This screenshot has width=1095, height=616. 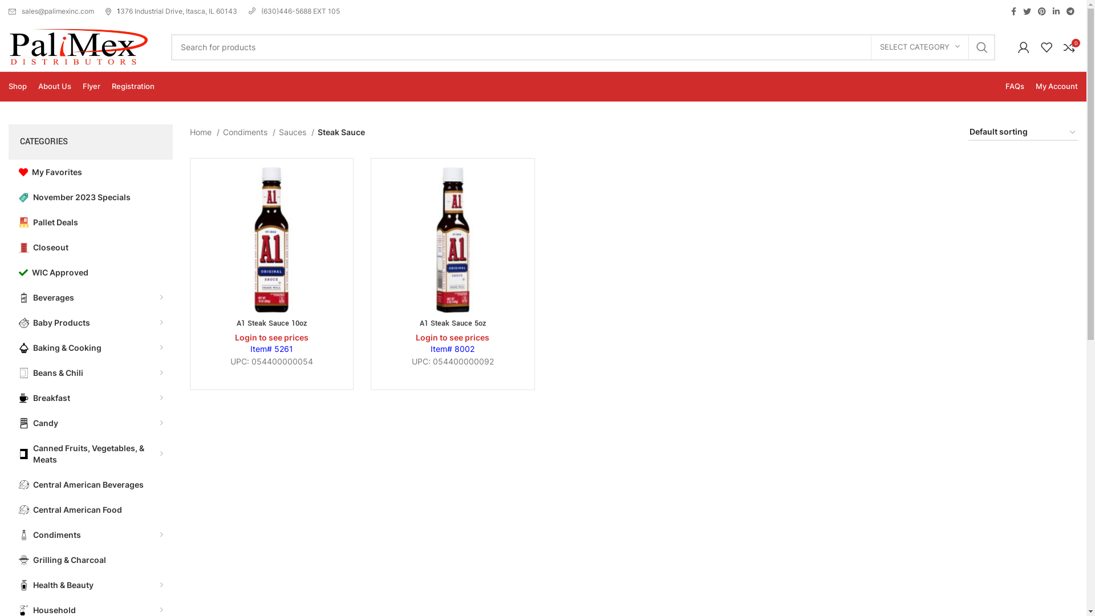 I want to click on 'November 2023 Specials', so click(x=90, y=197).